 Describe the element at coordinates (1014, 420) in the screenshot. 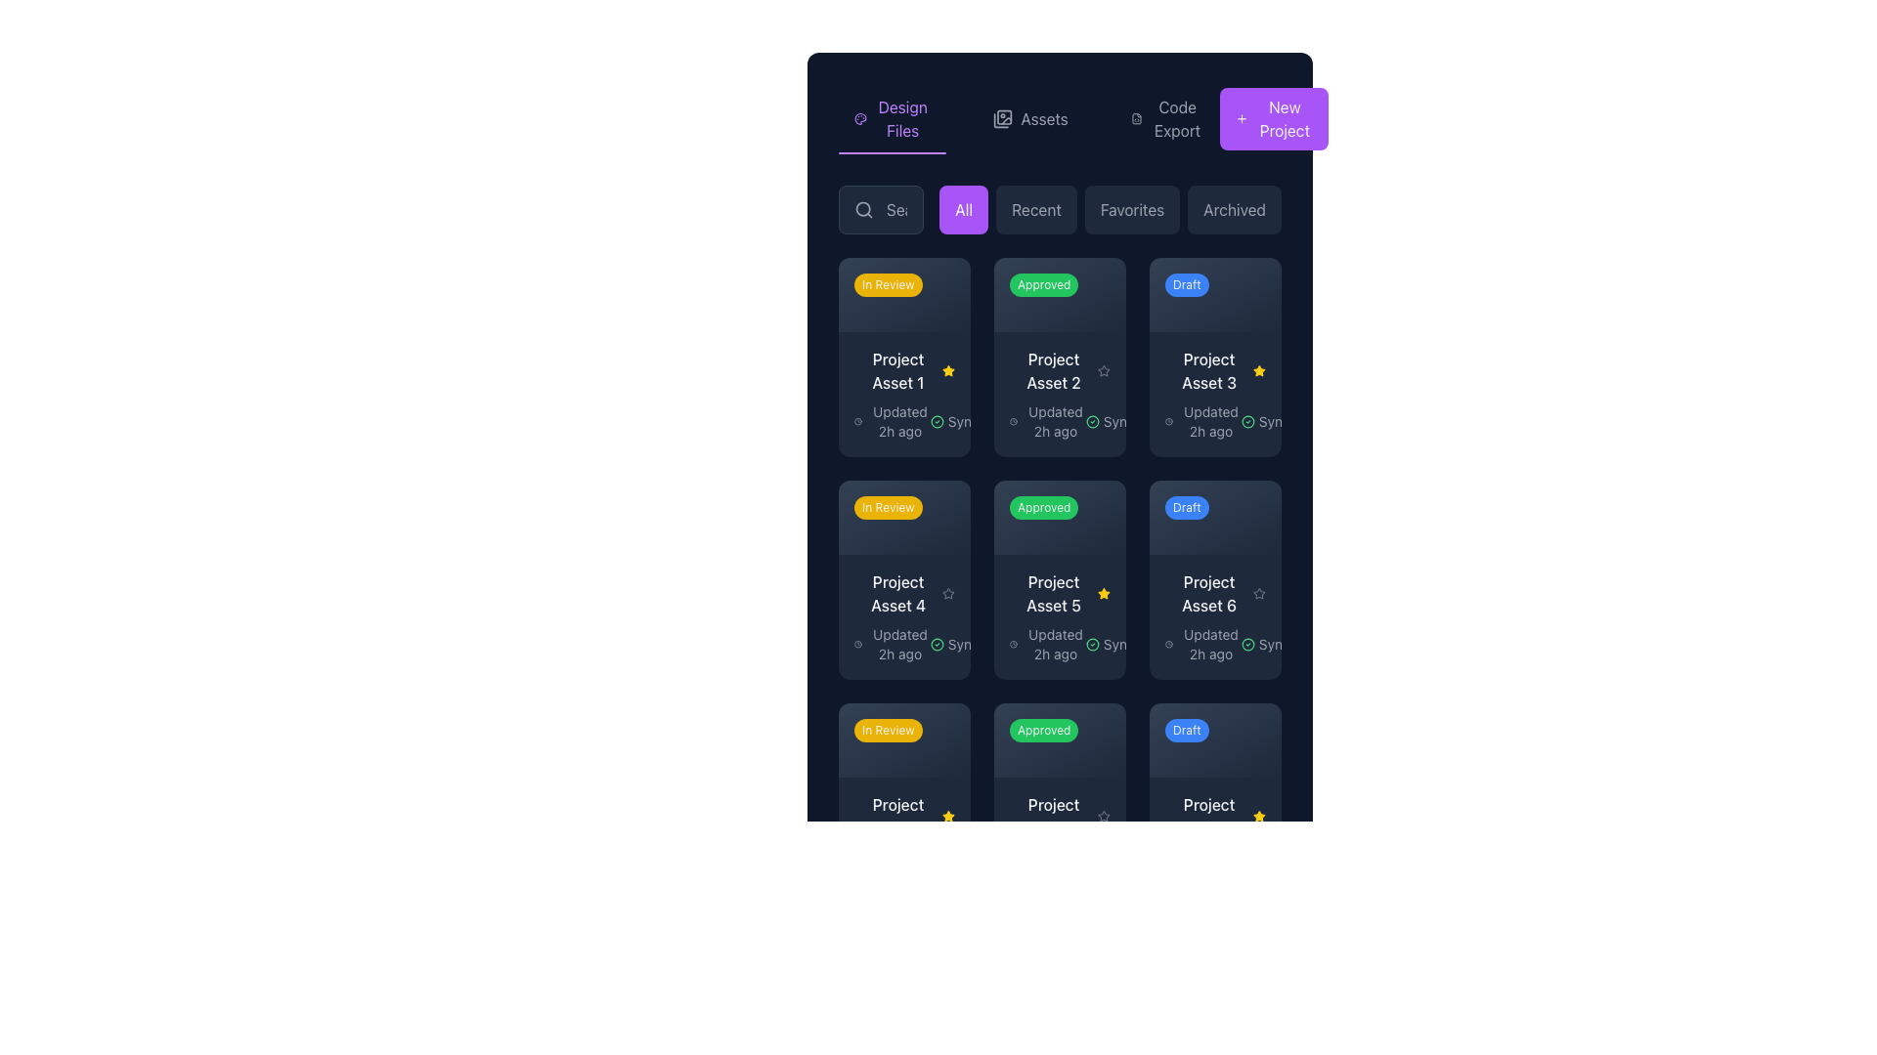

I see `the icon indicating the last update time, which is positioned to the left of the text 'Updated 2h ago' in the second asset card of the top row` at that location.